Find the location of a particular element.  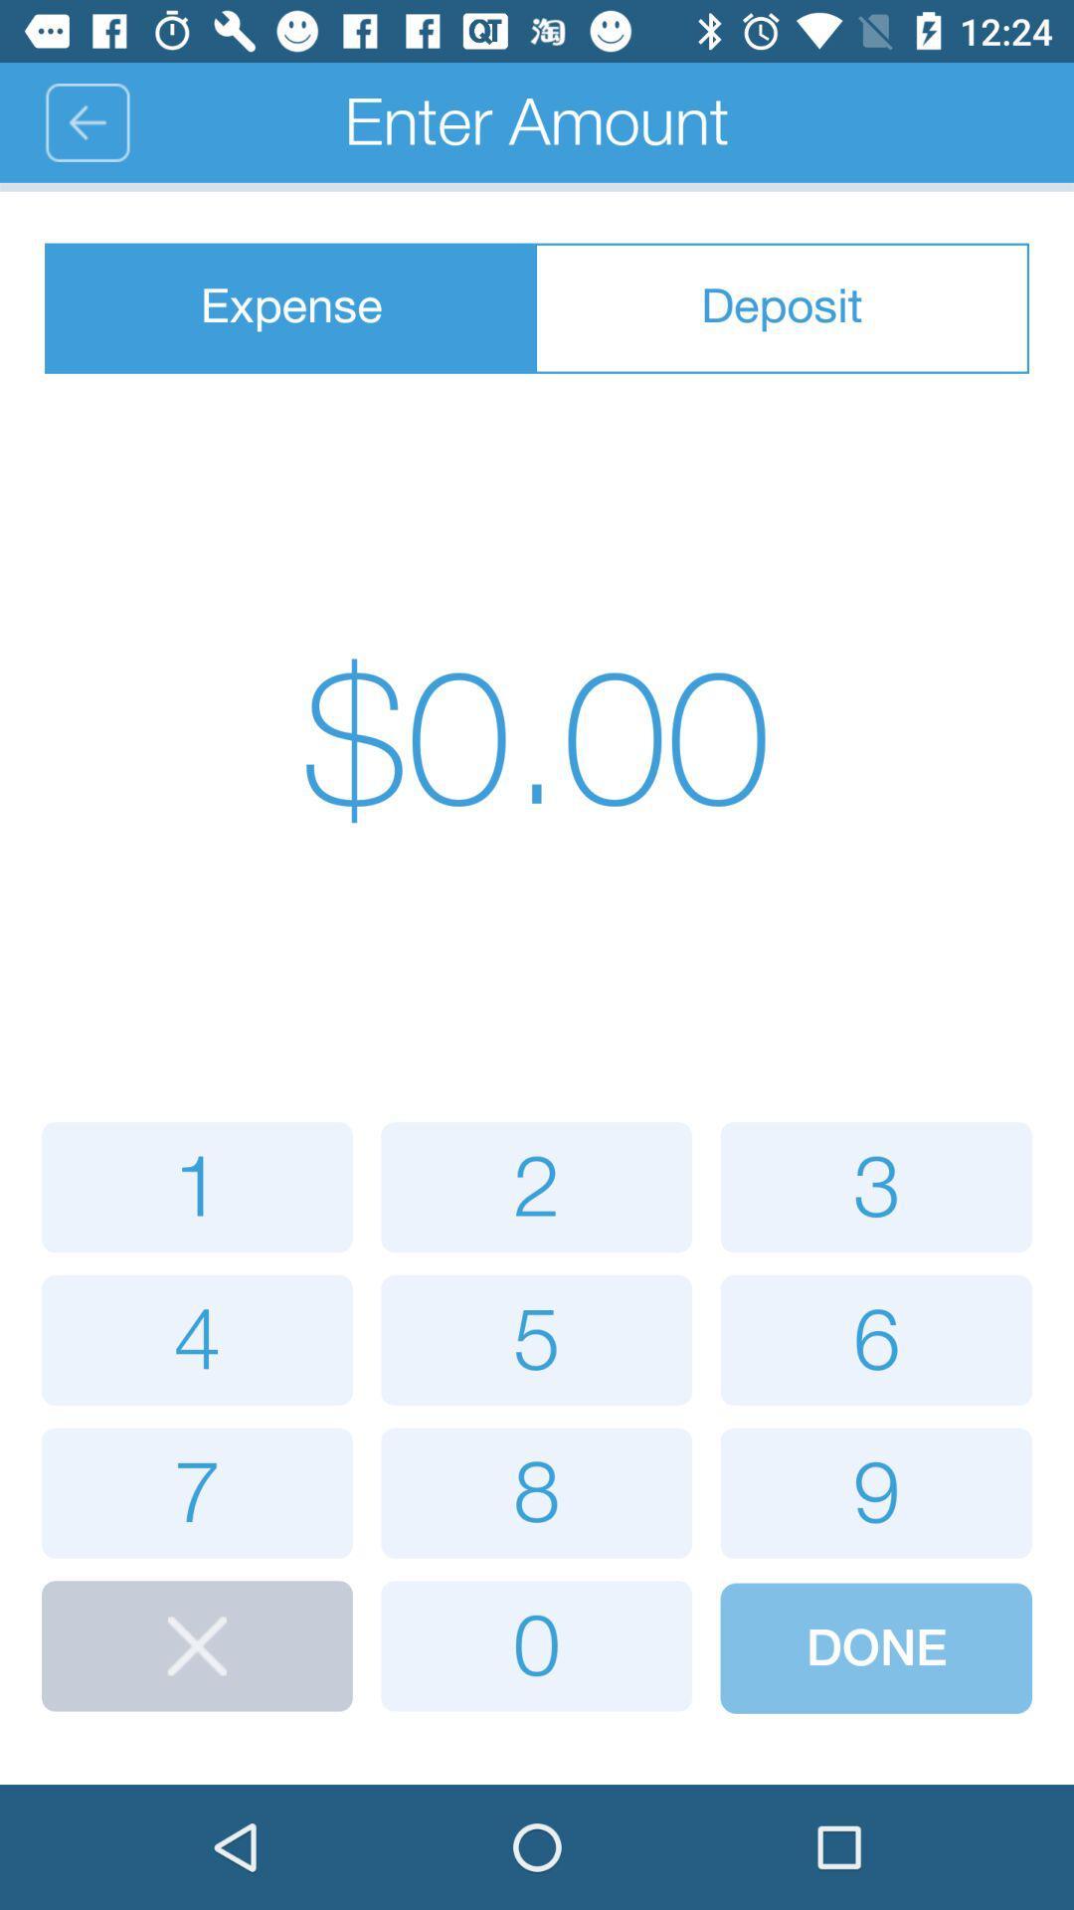

button with 9 is located at coordinates (875, 1493).